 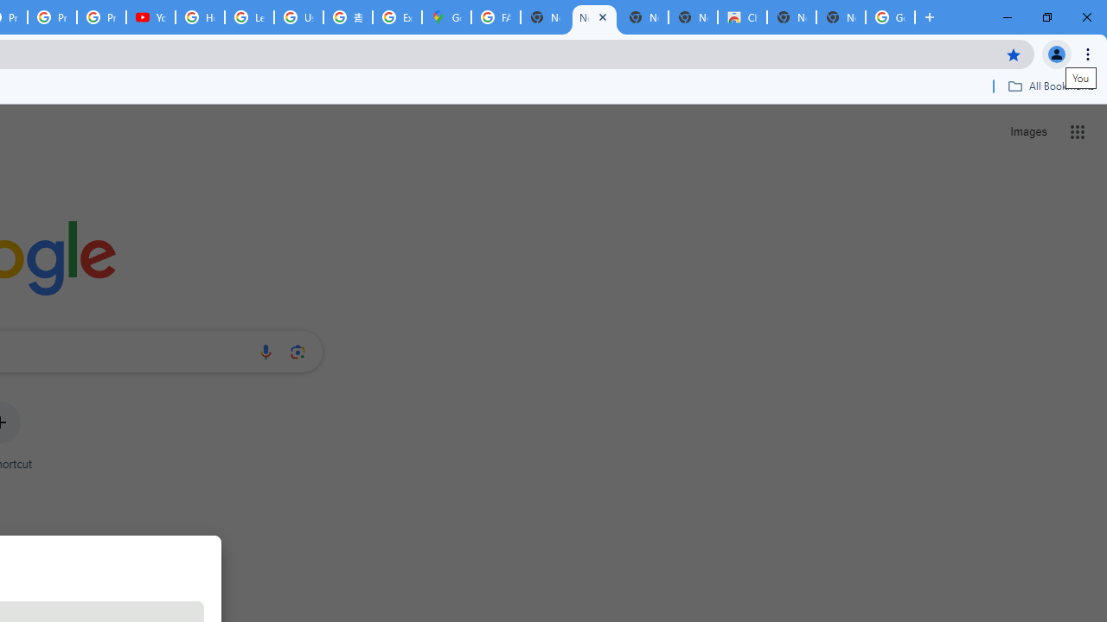 What do you see at coordinates (100, 17) in the screenshot?
I see `'Privacy Checkup'` at bounding box center [100, 17].